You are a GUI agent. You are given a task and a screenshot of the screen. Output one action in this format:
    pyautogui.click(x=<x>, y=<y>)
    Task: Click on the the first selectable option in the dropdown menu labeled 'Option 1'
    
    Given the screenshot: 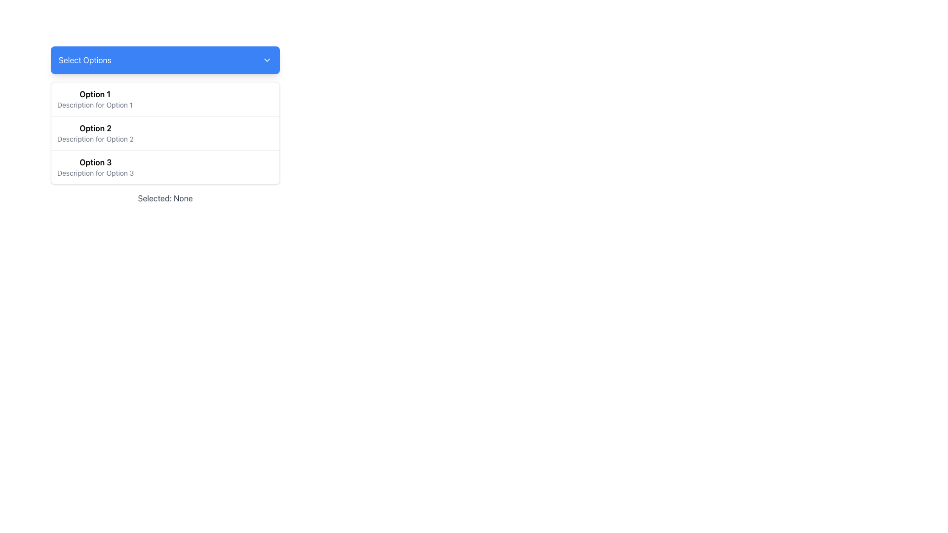 What is the action you would take?
    pyautogui.click(x=95, y=99)
    